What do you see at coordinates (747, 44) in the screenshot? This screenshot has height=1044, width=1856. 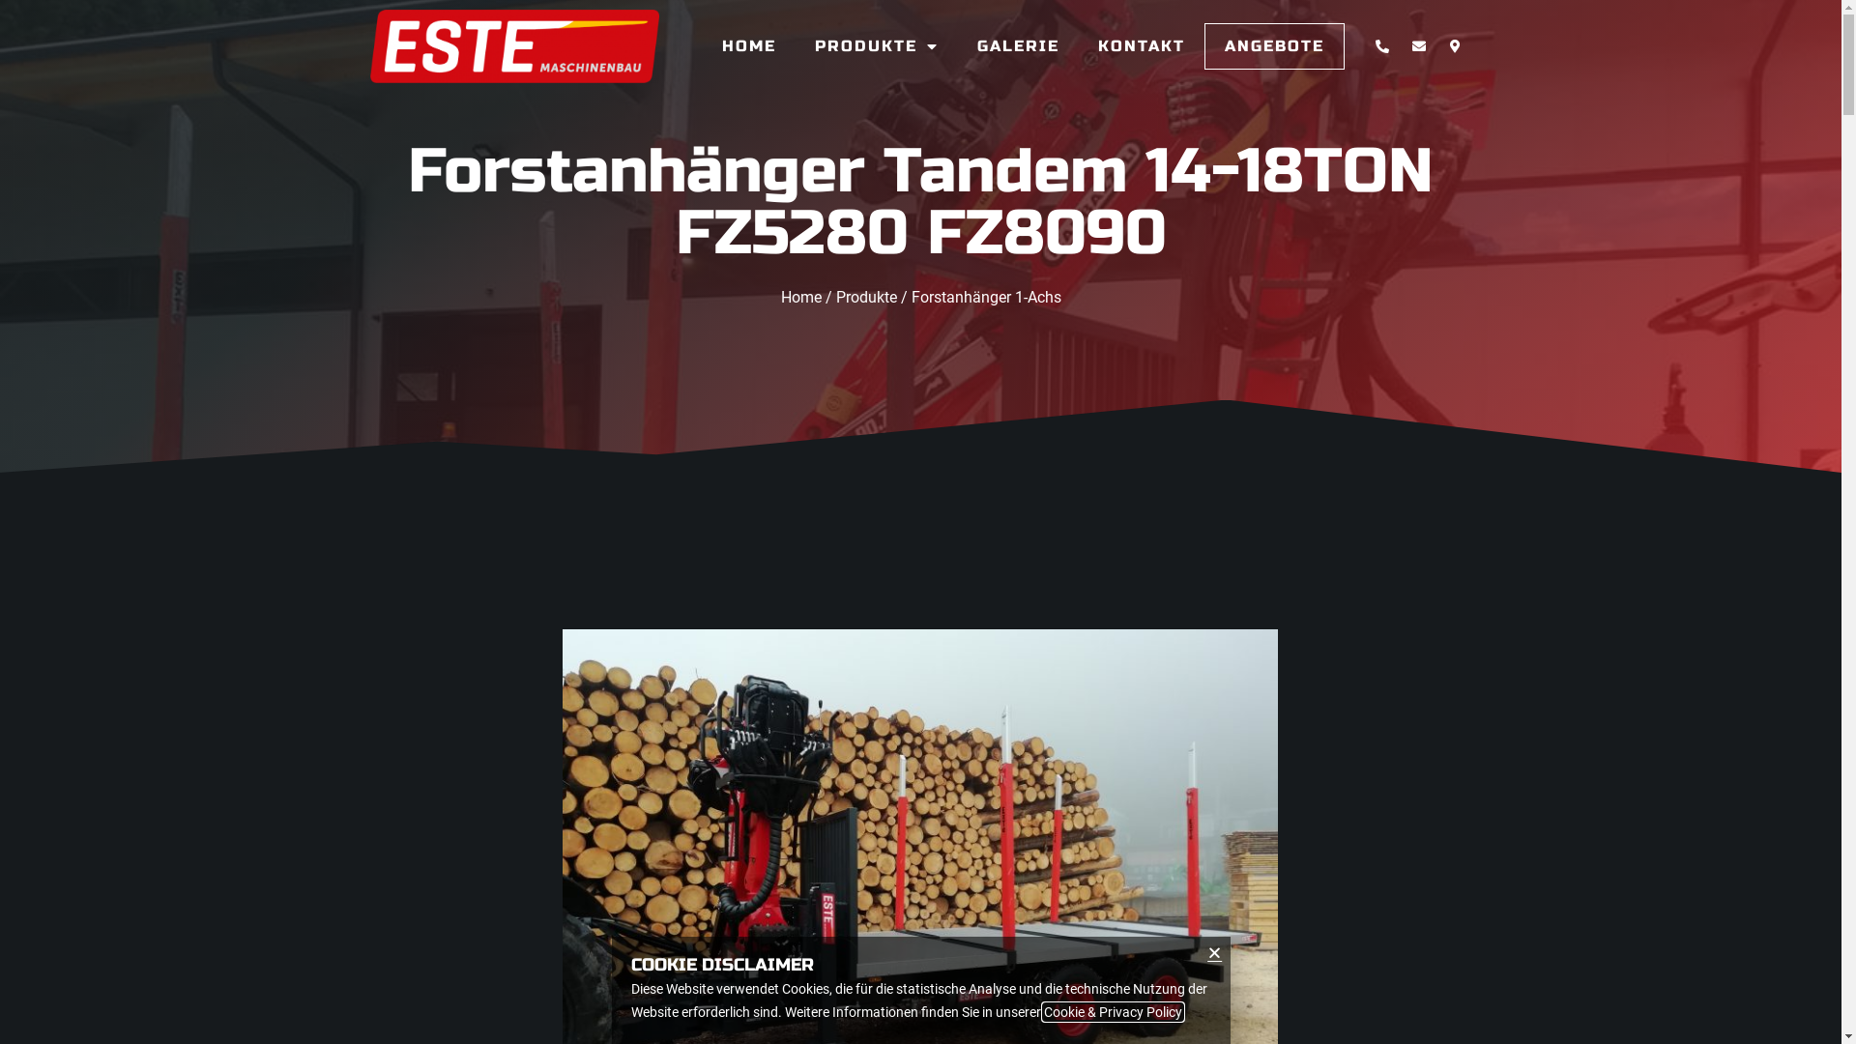 I see `'HOME'` at bounding box center [747, 44].